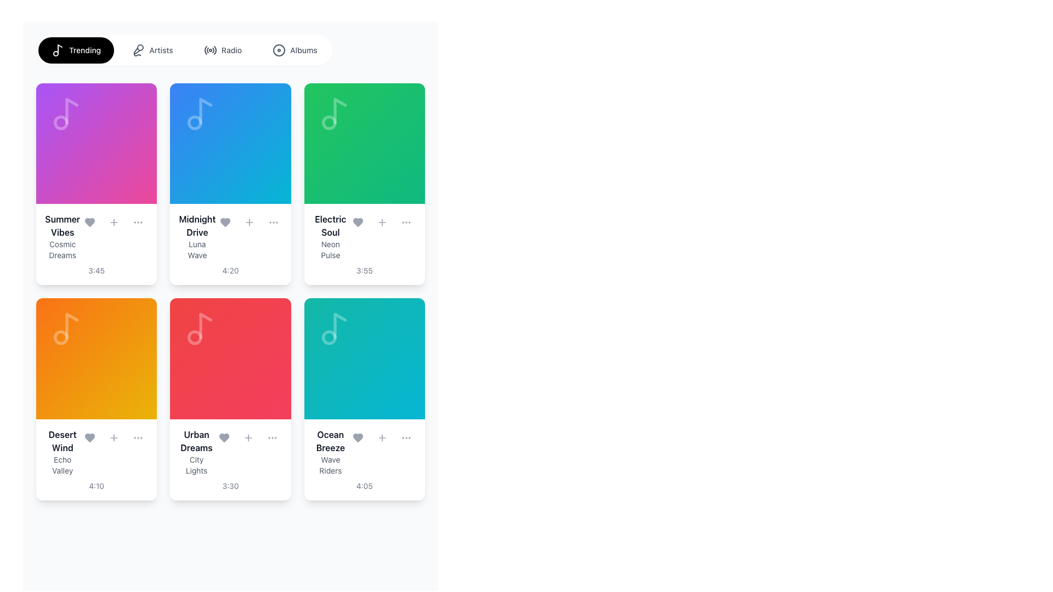 The height and width of the screenshot is (592, 1053). I want to click on the 'Midnight Drive' text label, which is styled in bold and colored dark, located in the second card row, above the 'Luna Wave' subtitle, so click(197, 225).